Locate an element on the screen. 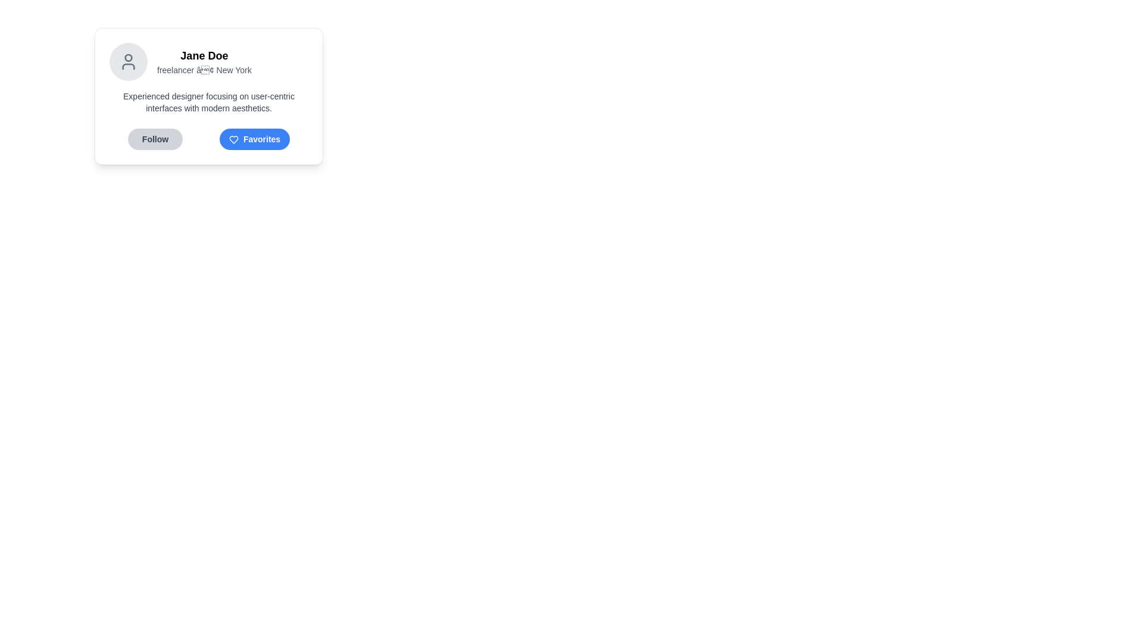  the blue rectangular 'Favorites' button with a white heart icon is located at coordinates (254, 139).